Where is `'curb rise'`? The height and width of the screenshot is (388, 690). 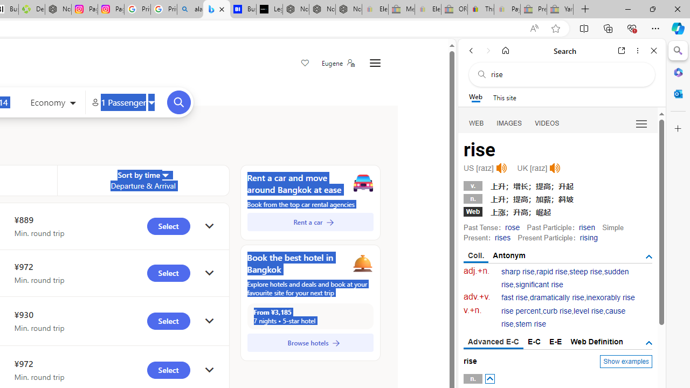
'curb rise' is located at coordinates (557, 311).